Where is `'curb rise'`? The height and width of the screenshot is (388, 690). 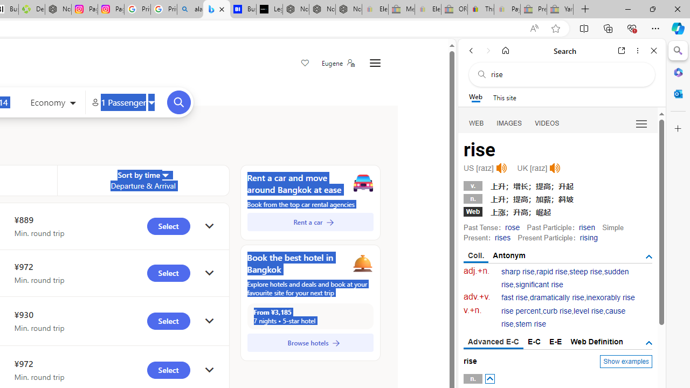
'curb rise' is located at coordinates (557, 311).